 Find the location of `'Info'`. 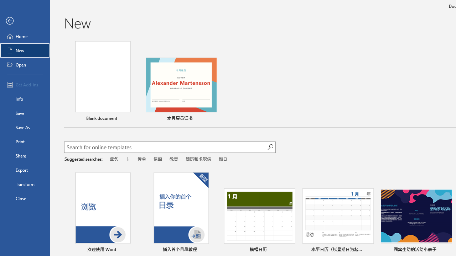

'Info' is located at coordinates (25, 98).